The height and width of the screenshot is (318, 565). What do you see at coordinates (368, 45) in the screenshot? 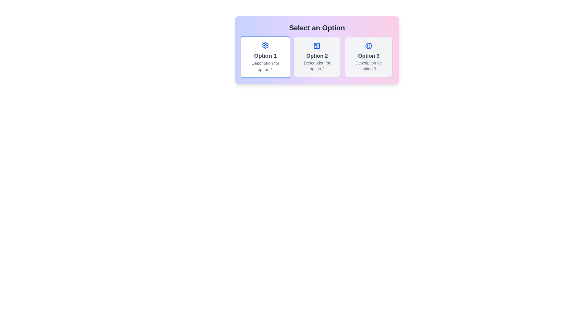
I see `the circular outline icon representing a globe in the third selectable option of the menu` at bounding box center [368, 45].